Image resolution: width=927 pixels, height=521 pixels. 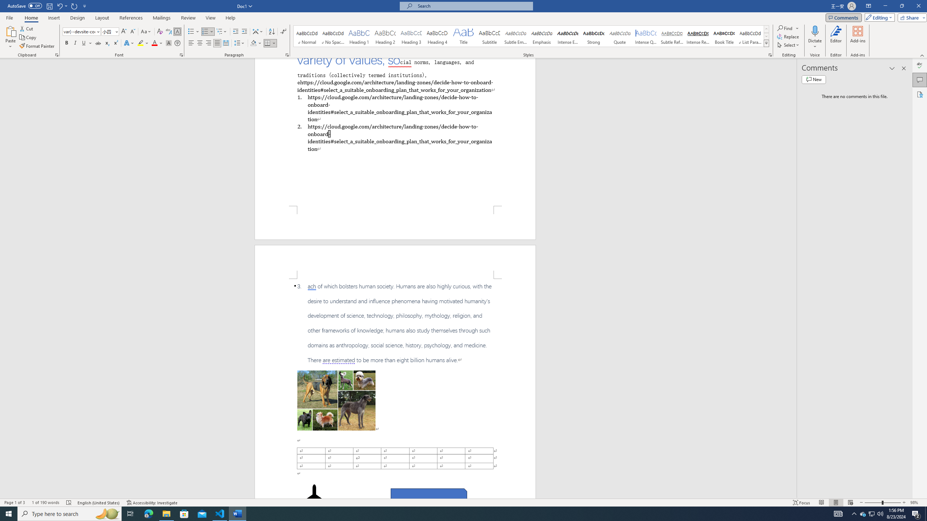 I want to click on 'Shading', so click(x=256, y=43).